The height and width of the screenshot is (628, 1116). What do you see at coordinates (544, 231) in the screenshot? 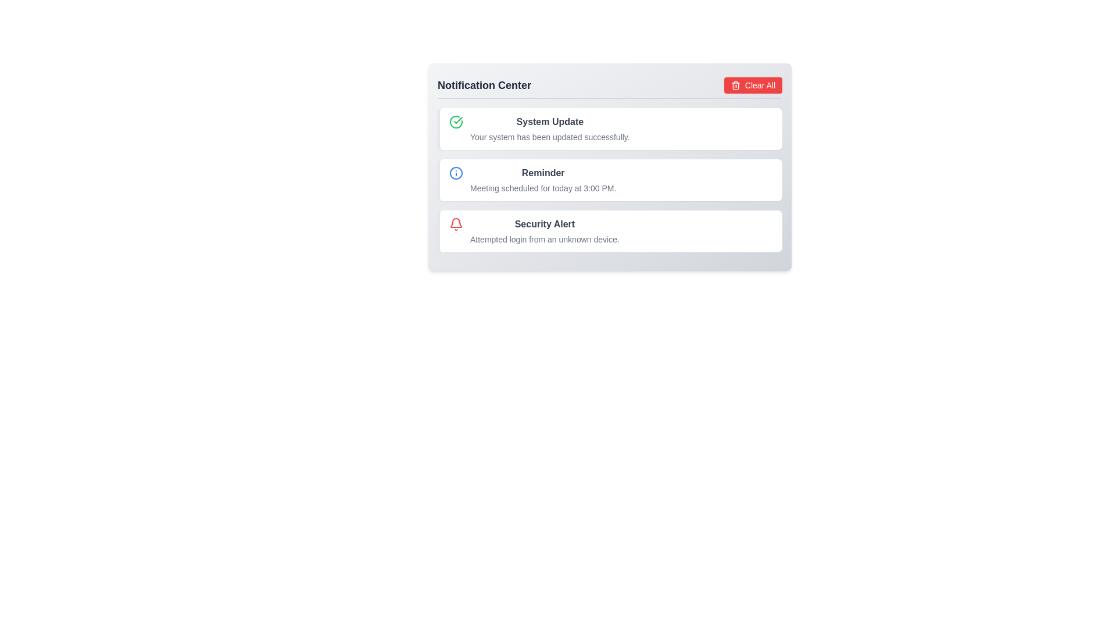
I see `the text-based informational message titled 'Security Alert' that displays the message 'Attempted login from an unknown device.'` at bounding box center [544, 231].